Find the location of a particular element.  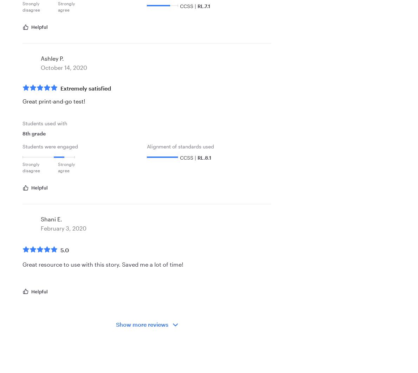

'Show more reviews' is located at coordinates (116, 324).